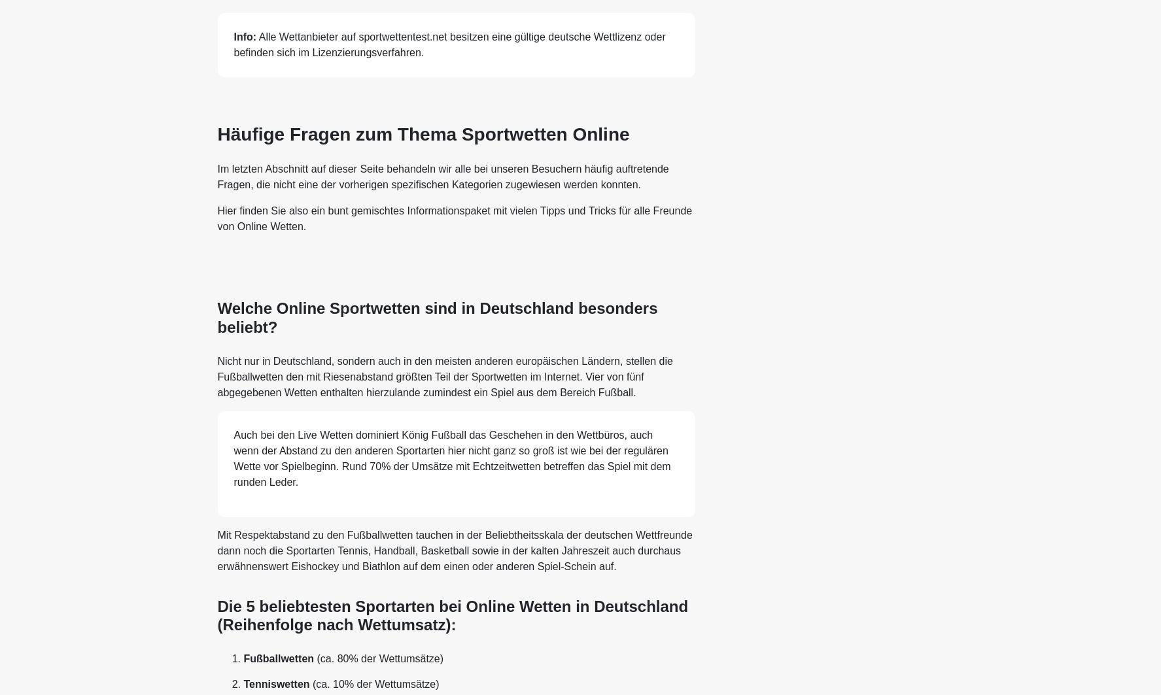  Describe the element at coordinates (379, 658) in the screenshot. I see `'(ca. 80% der Wettumsätze)'` at that location.